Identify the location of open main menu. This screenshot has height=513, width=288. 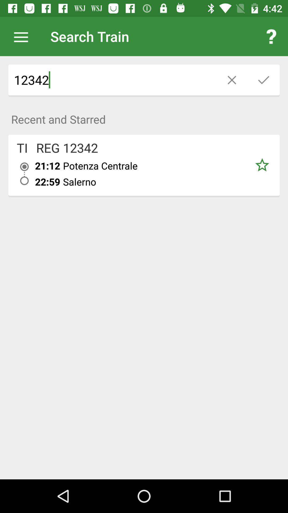
(23, 36).